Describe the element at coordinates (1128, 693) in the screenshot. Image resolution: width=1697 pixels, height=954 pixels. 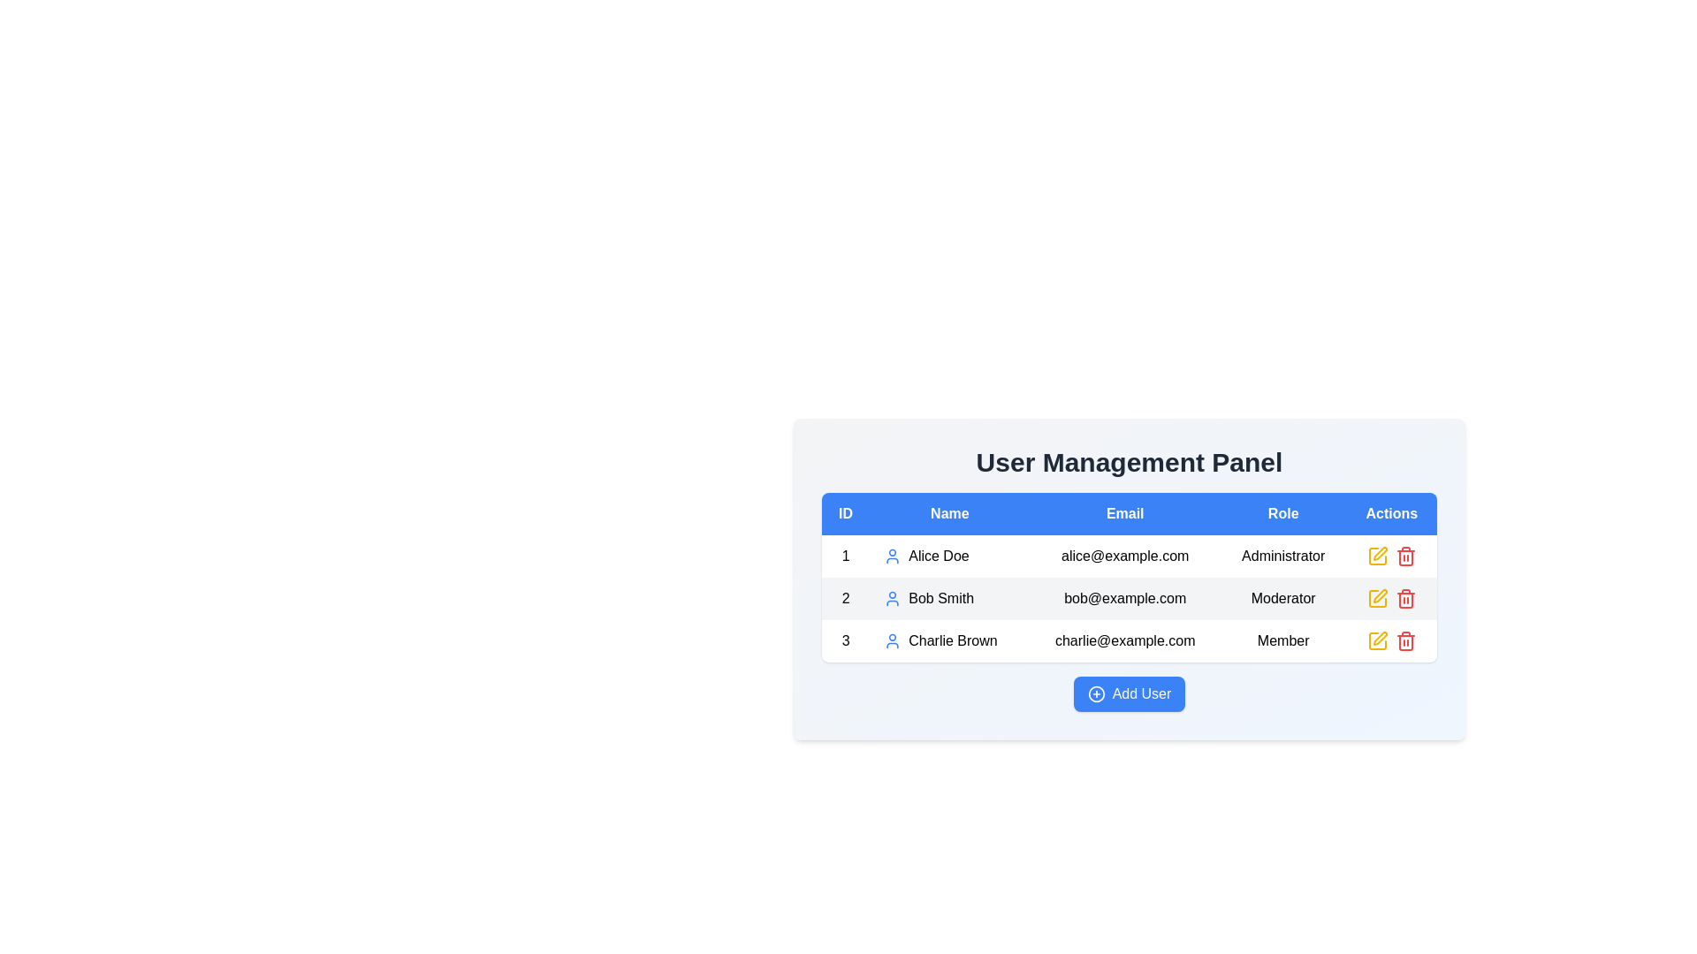
I see `the 'Add User' button located at the bottom center of the user management panel` at that location.